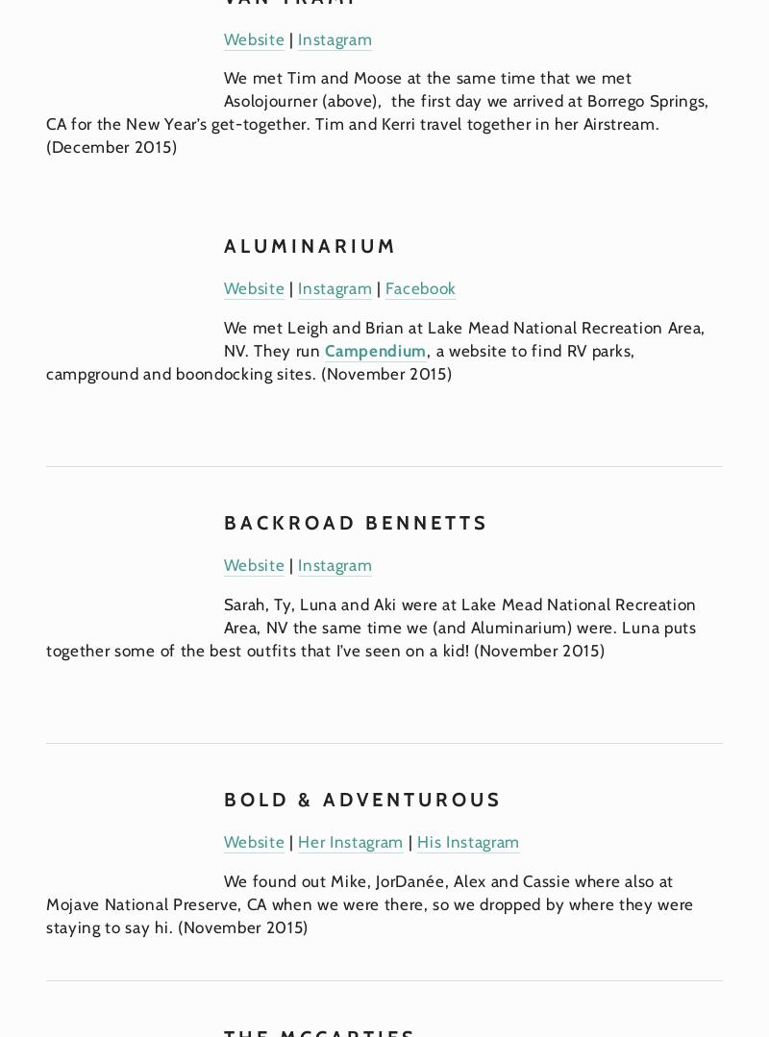 This screenshot has width=769, height=1037. I want to click on 'Campendium', so click(375, 351).